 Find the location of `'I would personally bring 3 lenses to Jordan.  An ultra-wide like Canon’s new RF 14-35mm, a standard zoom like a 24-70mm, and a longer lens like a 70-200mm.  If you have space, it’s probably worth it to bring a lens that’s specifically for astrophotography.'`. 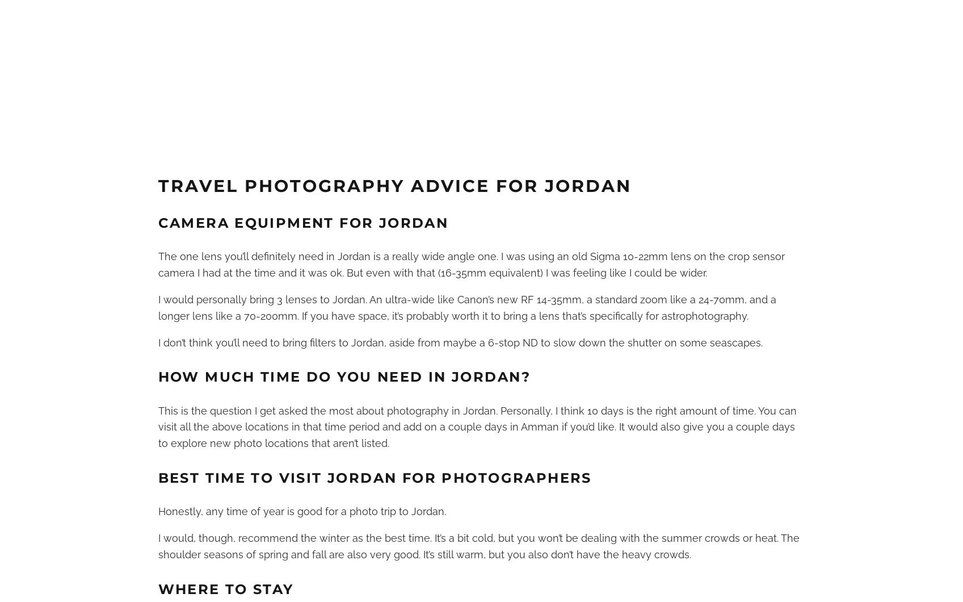

'I would personally bring 3 lenses to Jordan.  An ultra-wide like Canon’s new RF 14-35mm, a standard zoom like a 24-70mm, and a longer lens like a 70-200mm.  If you have space, it’s probably worth it to bring a lens that’s specifically for astrophotography.' is located at coordinates (466, 307).